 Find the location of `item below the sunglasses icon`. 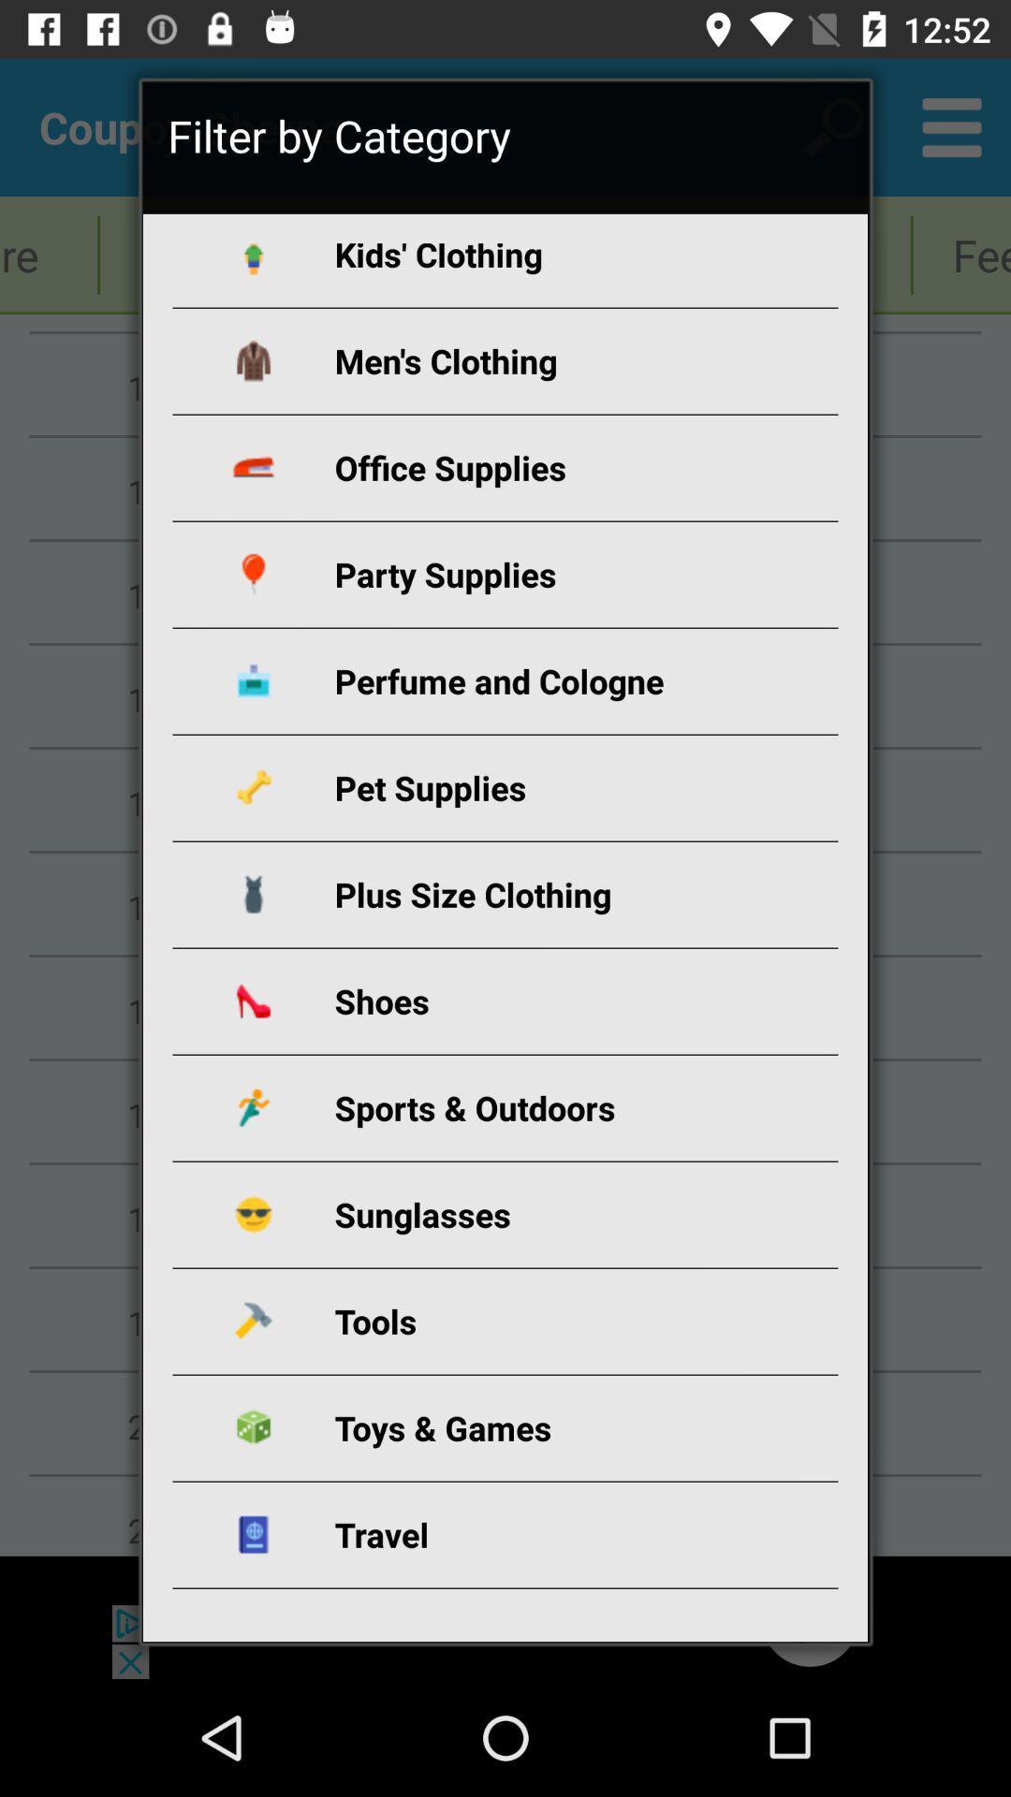

item below the sunglasses icon is located at coordinates (527, 1320).